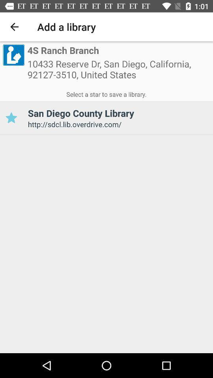 Image resolution: width=213 pixels, height=378 pixels. Describe the element at coordinates (117, 124) in the screenshot. I see `item below the san diego county` at that location.